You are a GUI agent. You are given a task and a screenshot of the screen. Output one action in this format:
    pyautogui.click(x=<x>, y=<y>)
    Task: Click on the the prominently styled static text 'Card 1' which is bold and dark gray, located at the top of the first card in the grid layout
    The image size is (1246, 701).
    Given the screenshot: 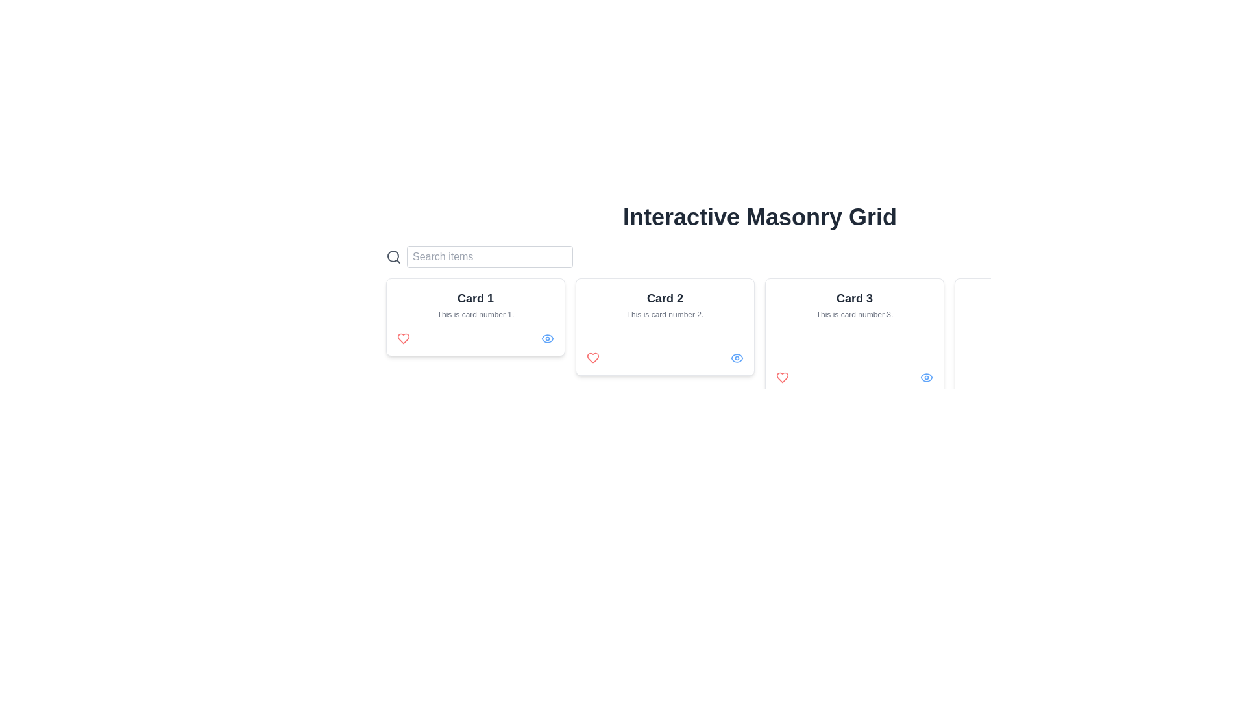 What is the action you would take?
    pyautogui.click(x=475, y=298)
    